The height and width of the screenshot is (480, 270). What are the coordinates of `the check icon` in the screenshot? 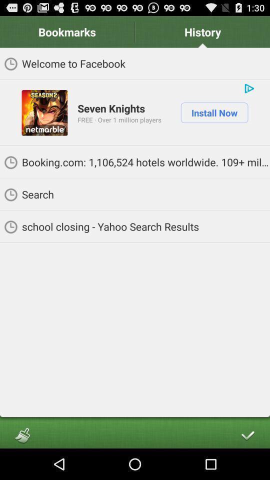 It's located at (247, 465).